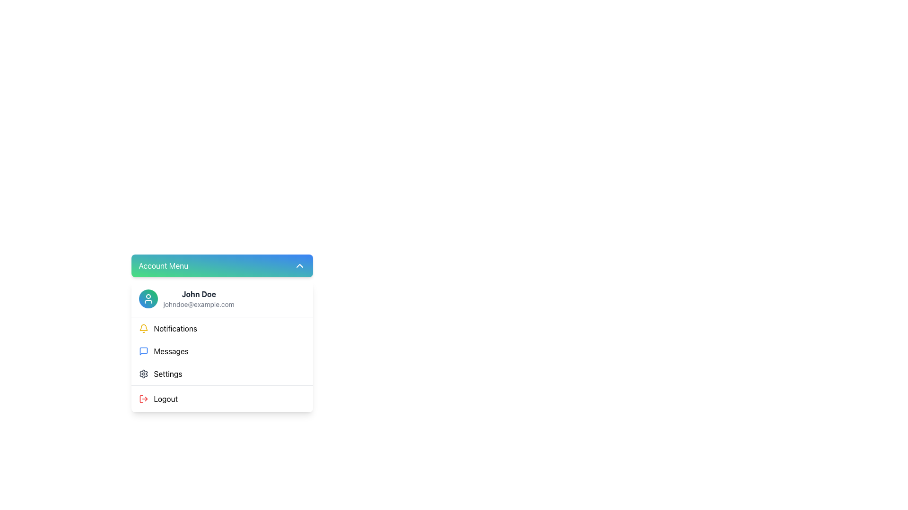  What do you see at coordinates (143, 328) in the screenshot?
I see `the yellow bell icon indicating notifications located in the 'Account Menu' dropdown, positioned to the left of the 'Notifications' text` at bounding box center [143, 328].